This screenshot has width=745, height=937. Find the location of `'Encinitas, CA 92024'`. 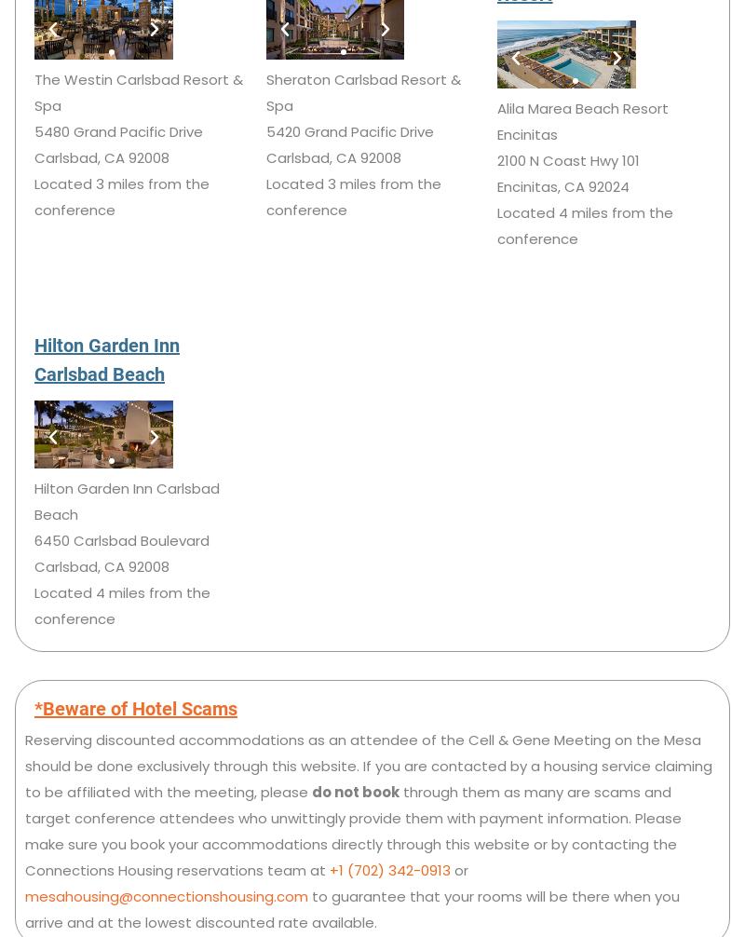

'Encinitas, CA 92024' is located at coordinates (497, 185).